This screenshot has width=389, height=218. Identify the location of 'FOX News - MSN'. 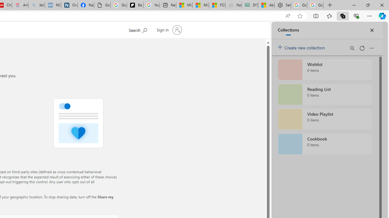
(217, 5).